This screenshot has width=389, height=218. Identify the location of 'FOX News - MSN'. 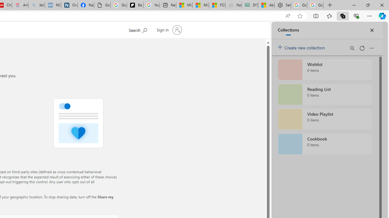
(217, 5).